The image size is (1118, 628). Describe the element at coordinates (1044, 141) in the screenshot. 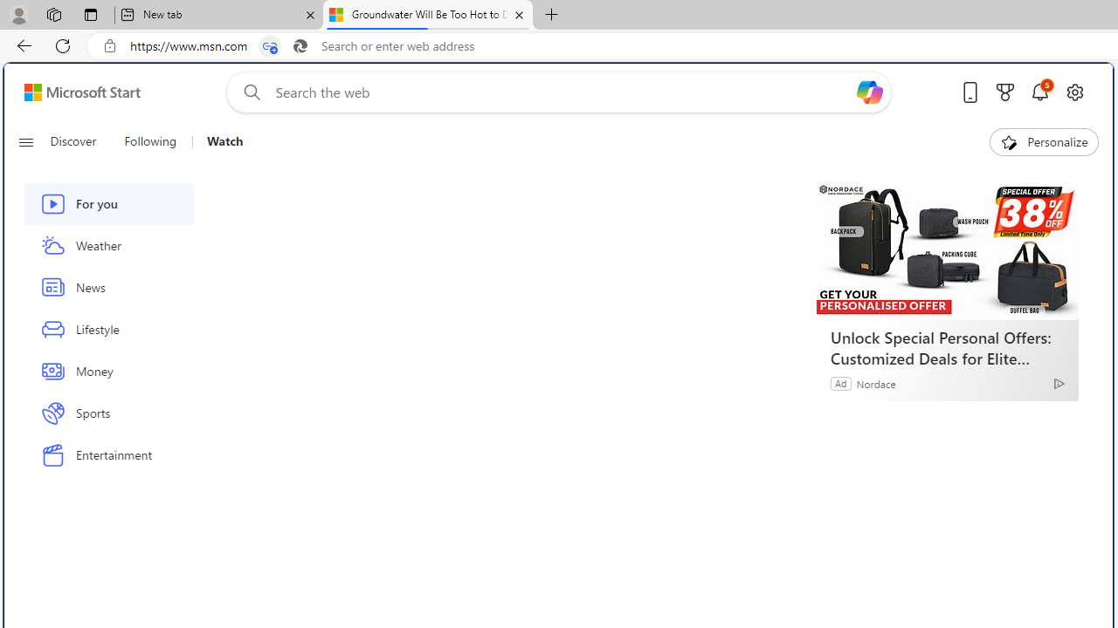

I see `'Personalize'` at that location.